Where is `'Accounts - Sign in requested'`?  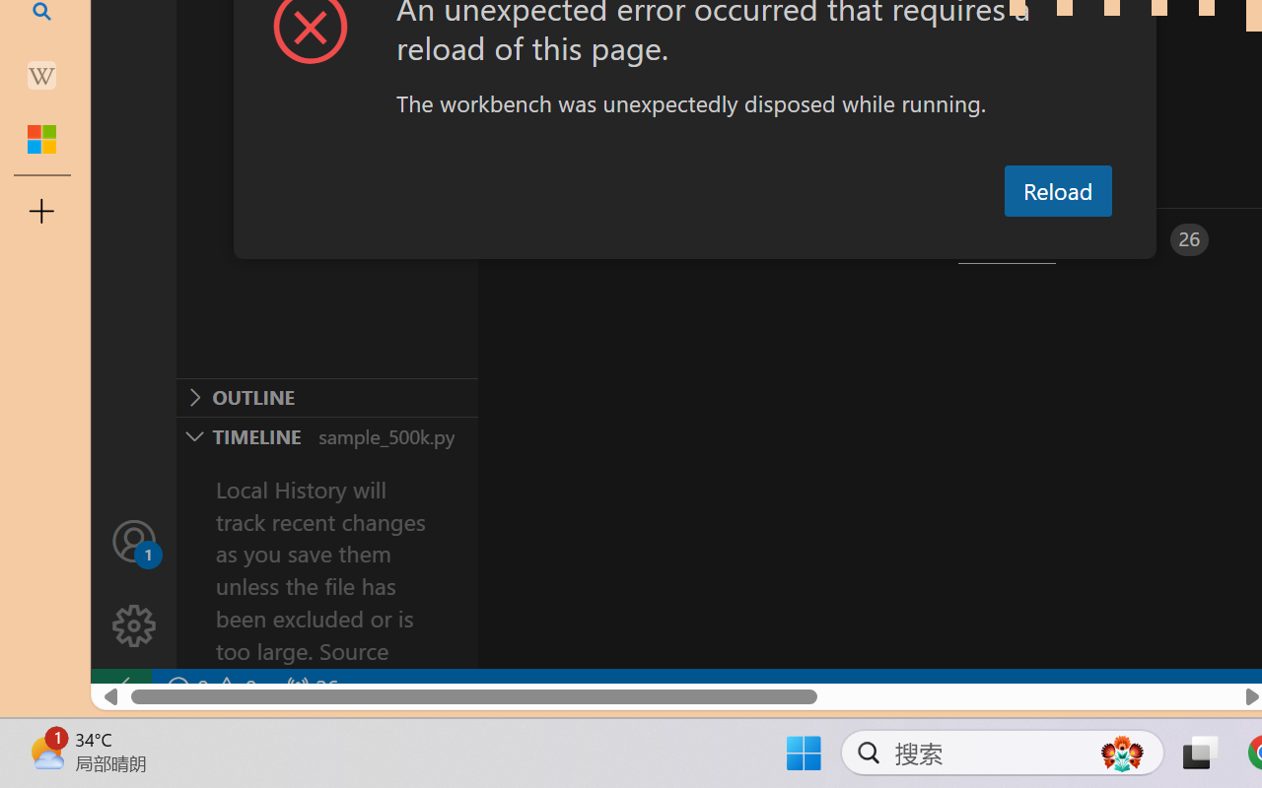 'Accounts - Sign in requested' is located at coordinates (132, 540).